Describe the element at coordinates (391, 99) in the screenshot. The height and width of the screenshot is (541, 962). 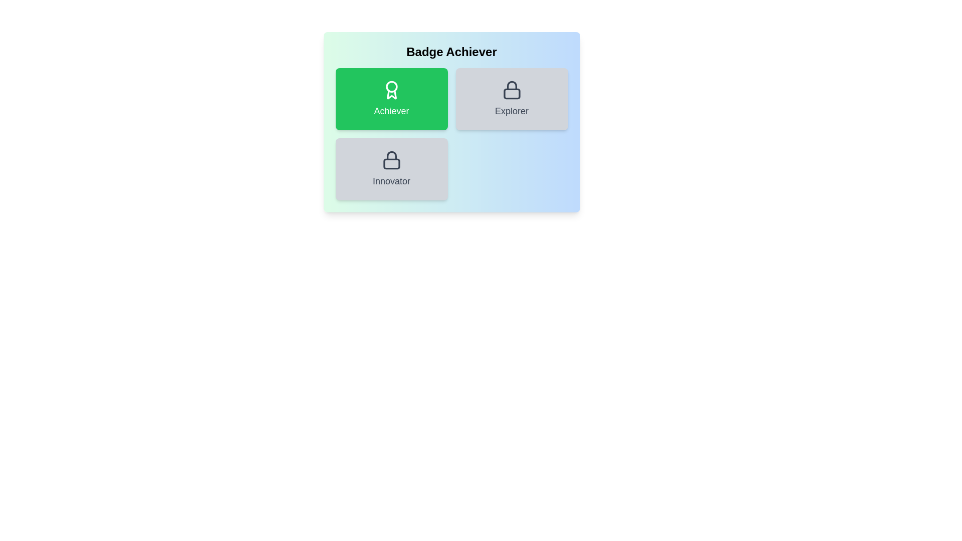
I see `the badge labeled Achiever to observe hover effects` at that location.